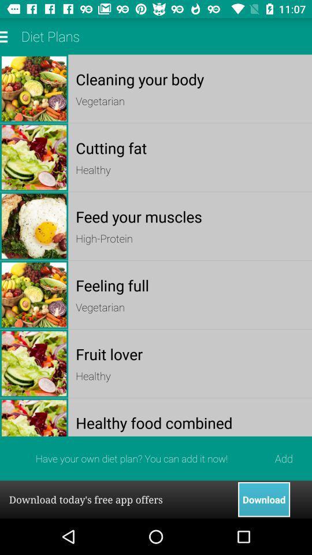  I want to click on feed your muscles icon, so click(190, 216).